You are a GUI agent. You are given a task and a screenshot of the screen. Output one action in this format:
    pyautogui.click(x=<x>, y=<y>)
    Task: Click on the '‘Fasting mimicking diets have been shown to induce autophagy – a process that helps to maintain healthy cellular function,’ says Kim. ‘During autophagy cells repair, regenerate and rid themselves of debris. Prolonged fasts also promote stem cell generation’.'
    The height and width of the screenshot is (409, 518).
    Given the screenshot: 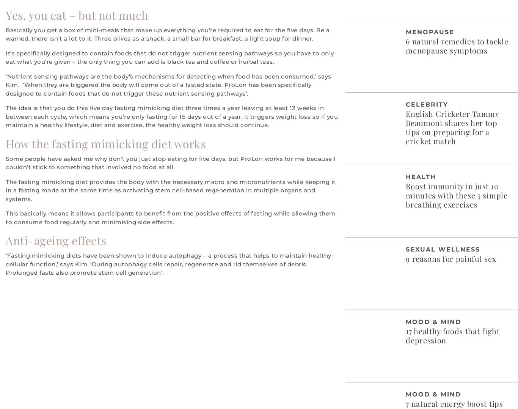 What is the action you would take?
    pyautogui.click(x=168, y=263)
    